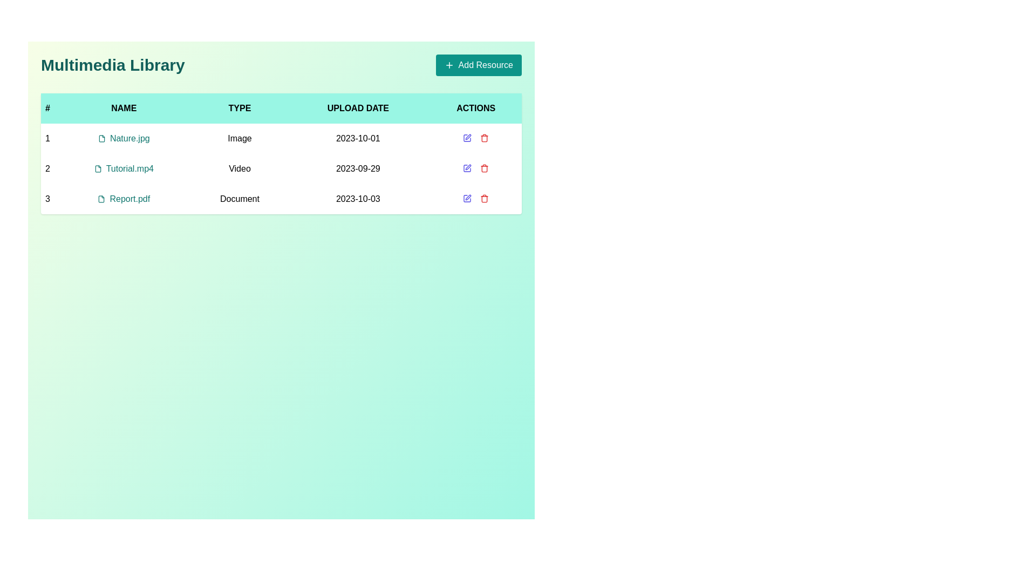 The height and width of the screenshot is (583, 1036). What do you see at coordinates (124, 138) in the screenshot?
I see `the text label 'Nature.jpg' which is styled in teal and accompanied by a file icon, located` at bounding box center [124, 138].